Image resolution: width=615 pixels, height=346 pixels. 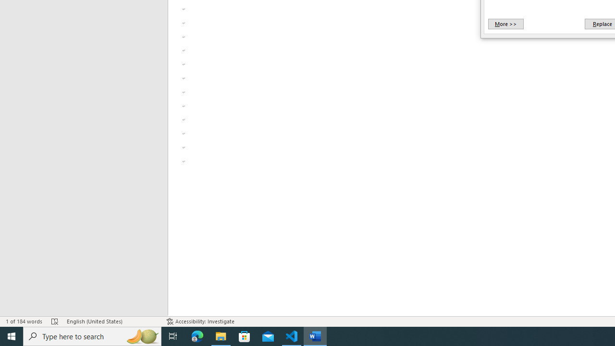 What do you see at coordinates (200, 321) in the screenshot?
I see `'Accessibility Checker Accessibility: Investigate'` at bounding box center [200, 321].